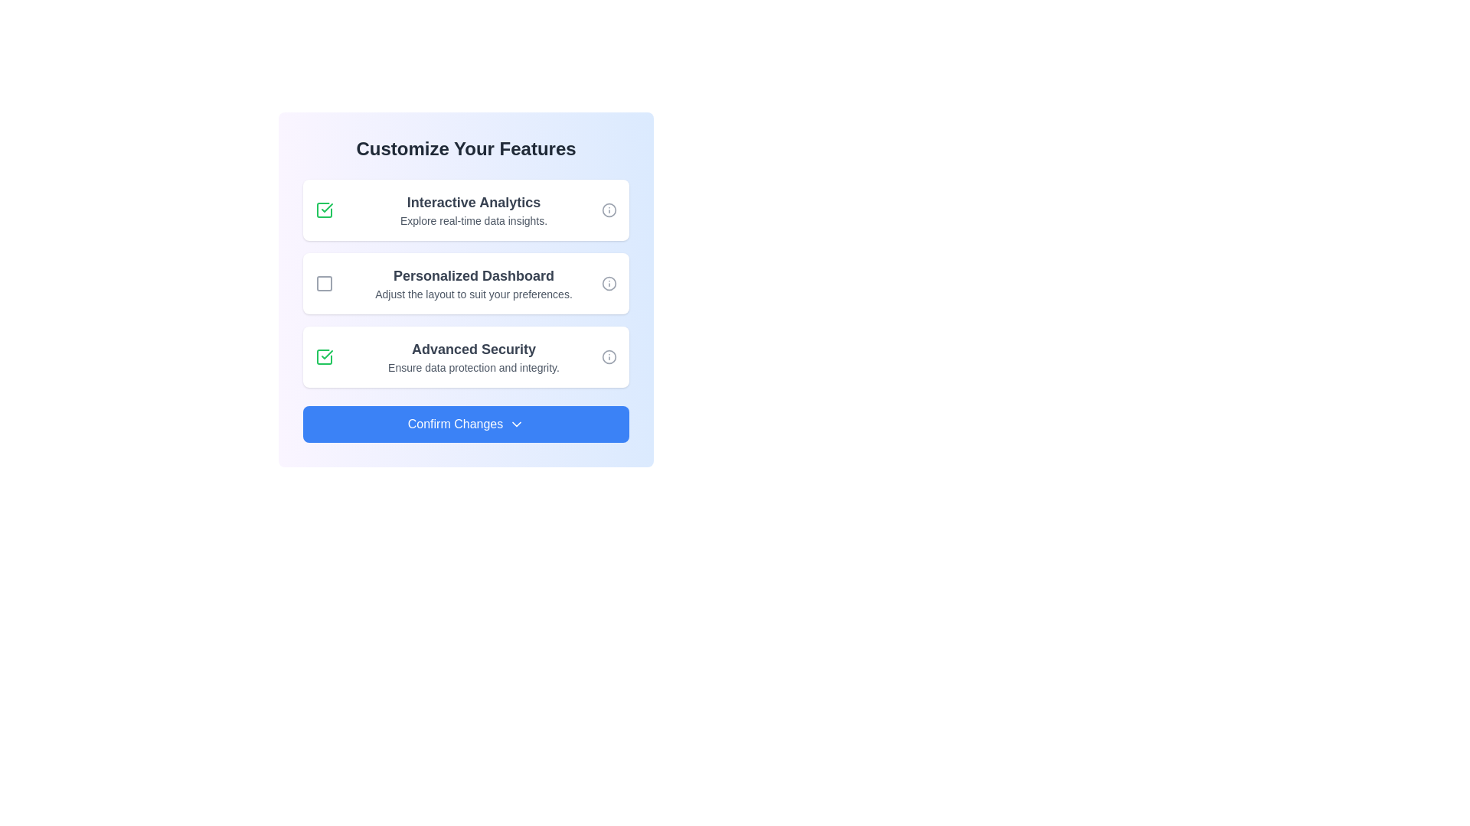 This screenshot has width=1470, height=826. What do you see at coordinates (473, 276) in the screenshot?
I see `the text label displaying 'Personalized Dashboard' in bold gray font, positioned in the middle section of the feature selection interface, serving as a title for the second item` at bounding box center [473, 276].